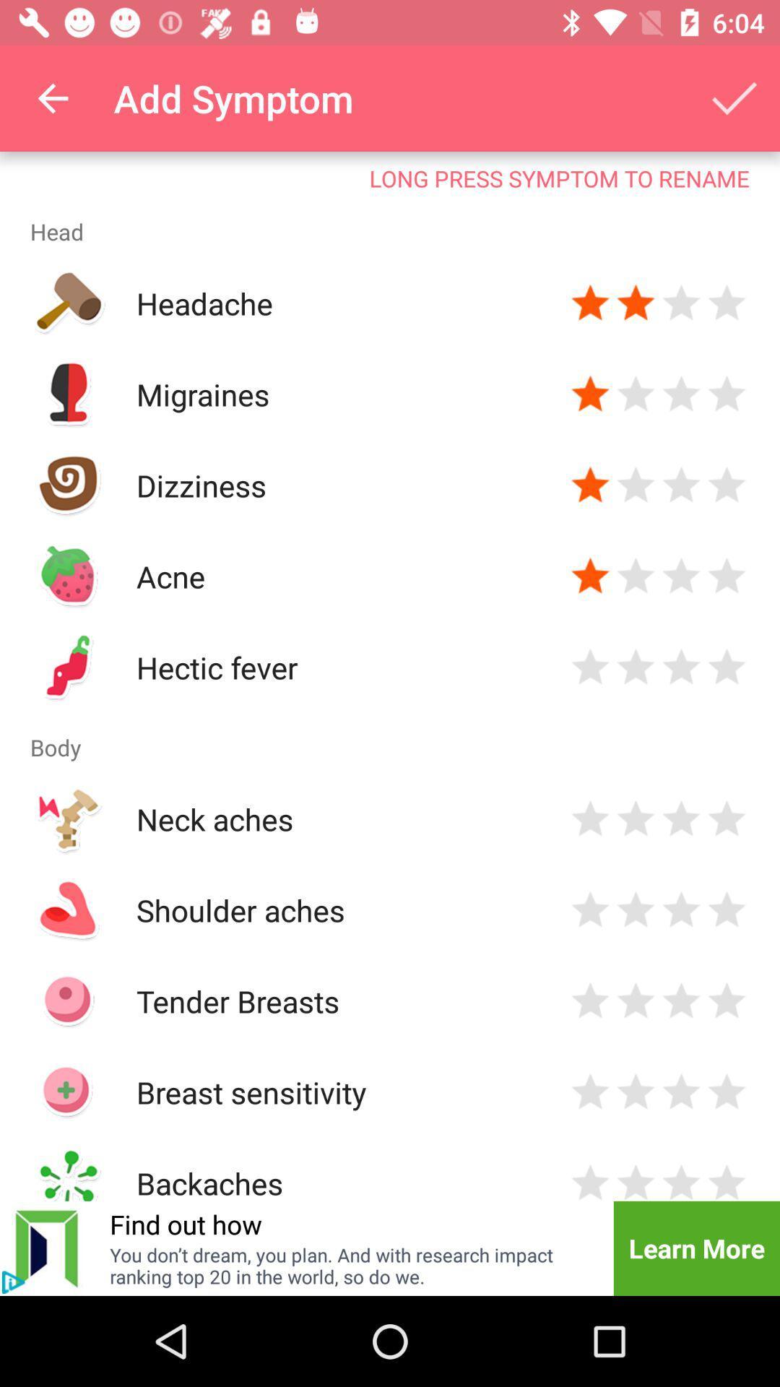  What do you see at coordinates (52, 98) in the screenshot?
I see `icon next to add symptom item` at bounding box center [52, 98].